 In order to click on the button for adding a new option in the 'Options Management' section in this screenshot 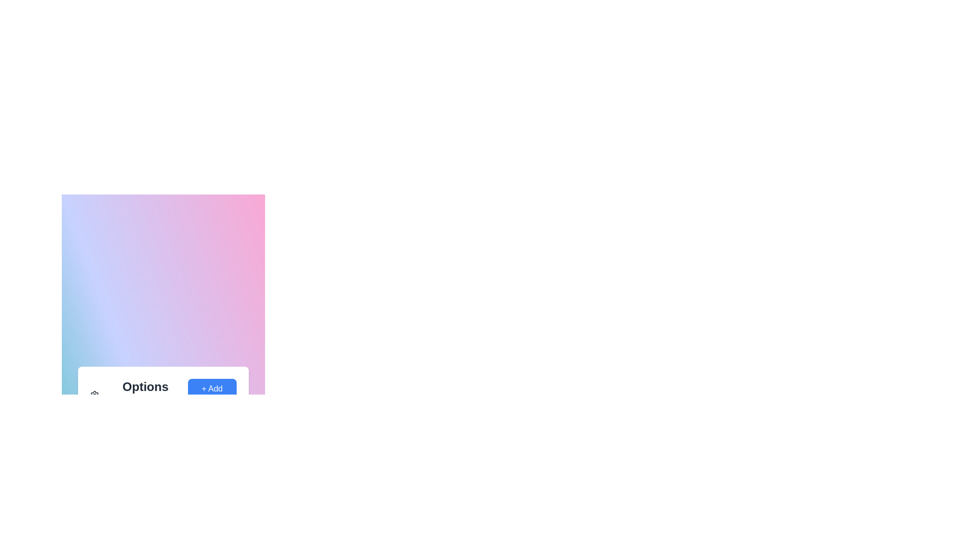, I will do `click(211, 394)`.